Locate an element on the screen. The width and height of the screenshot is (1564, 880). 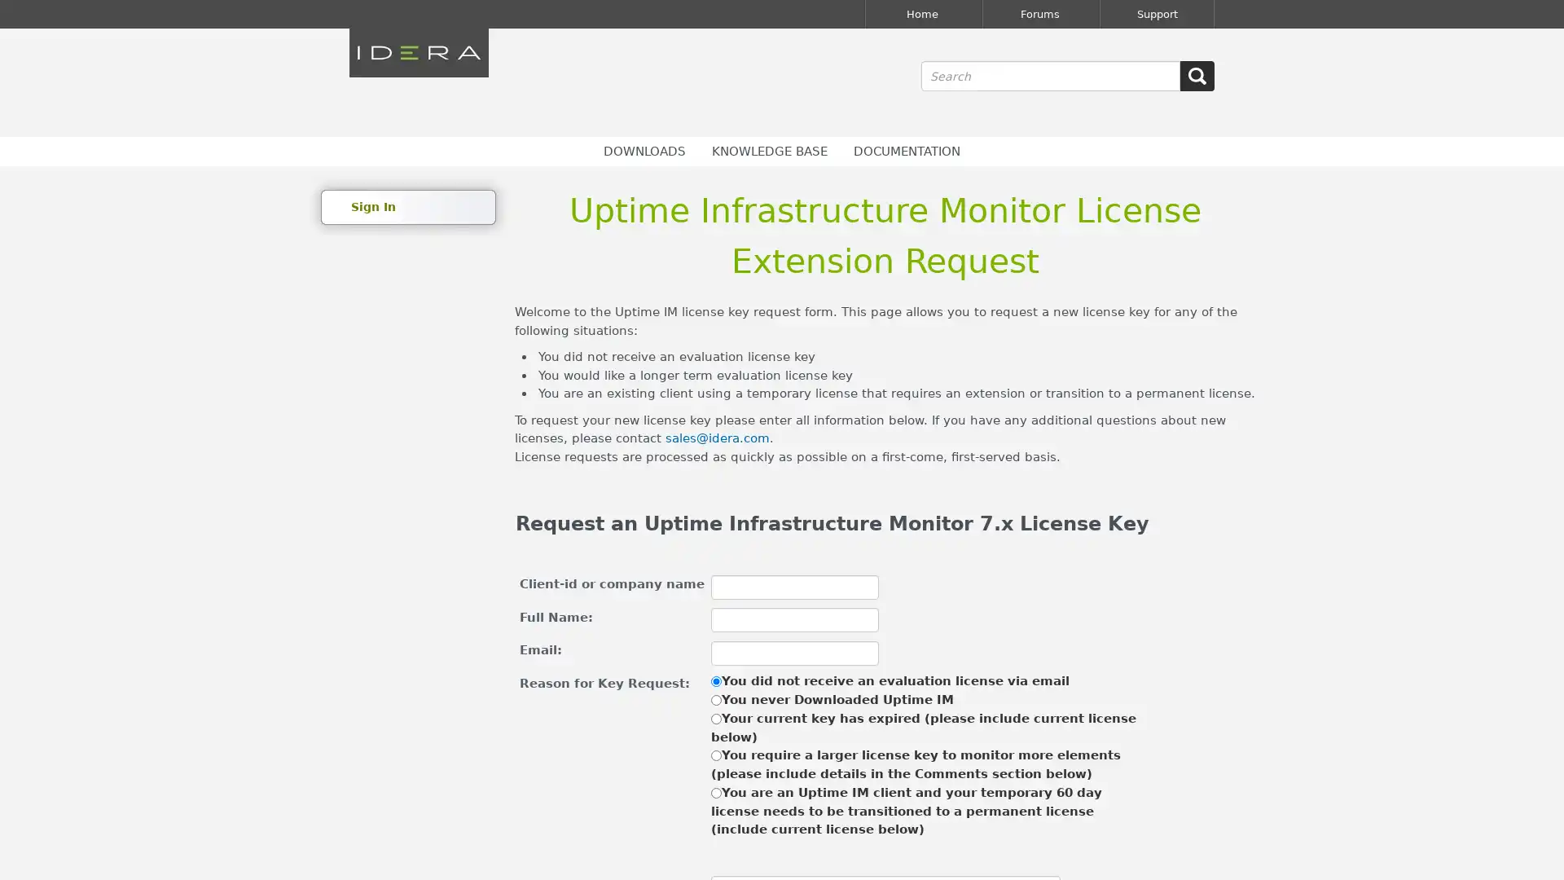
SEARCH is located at coordinates (1197, 76).